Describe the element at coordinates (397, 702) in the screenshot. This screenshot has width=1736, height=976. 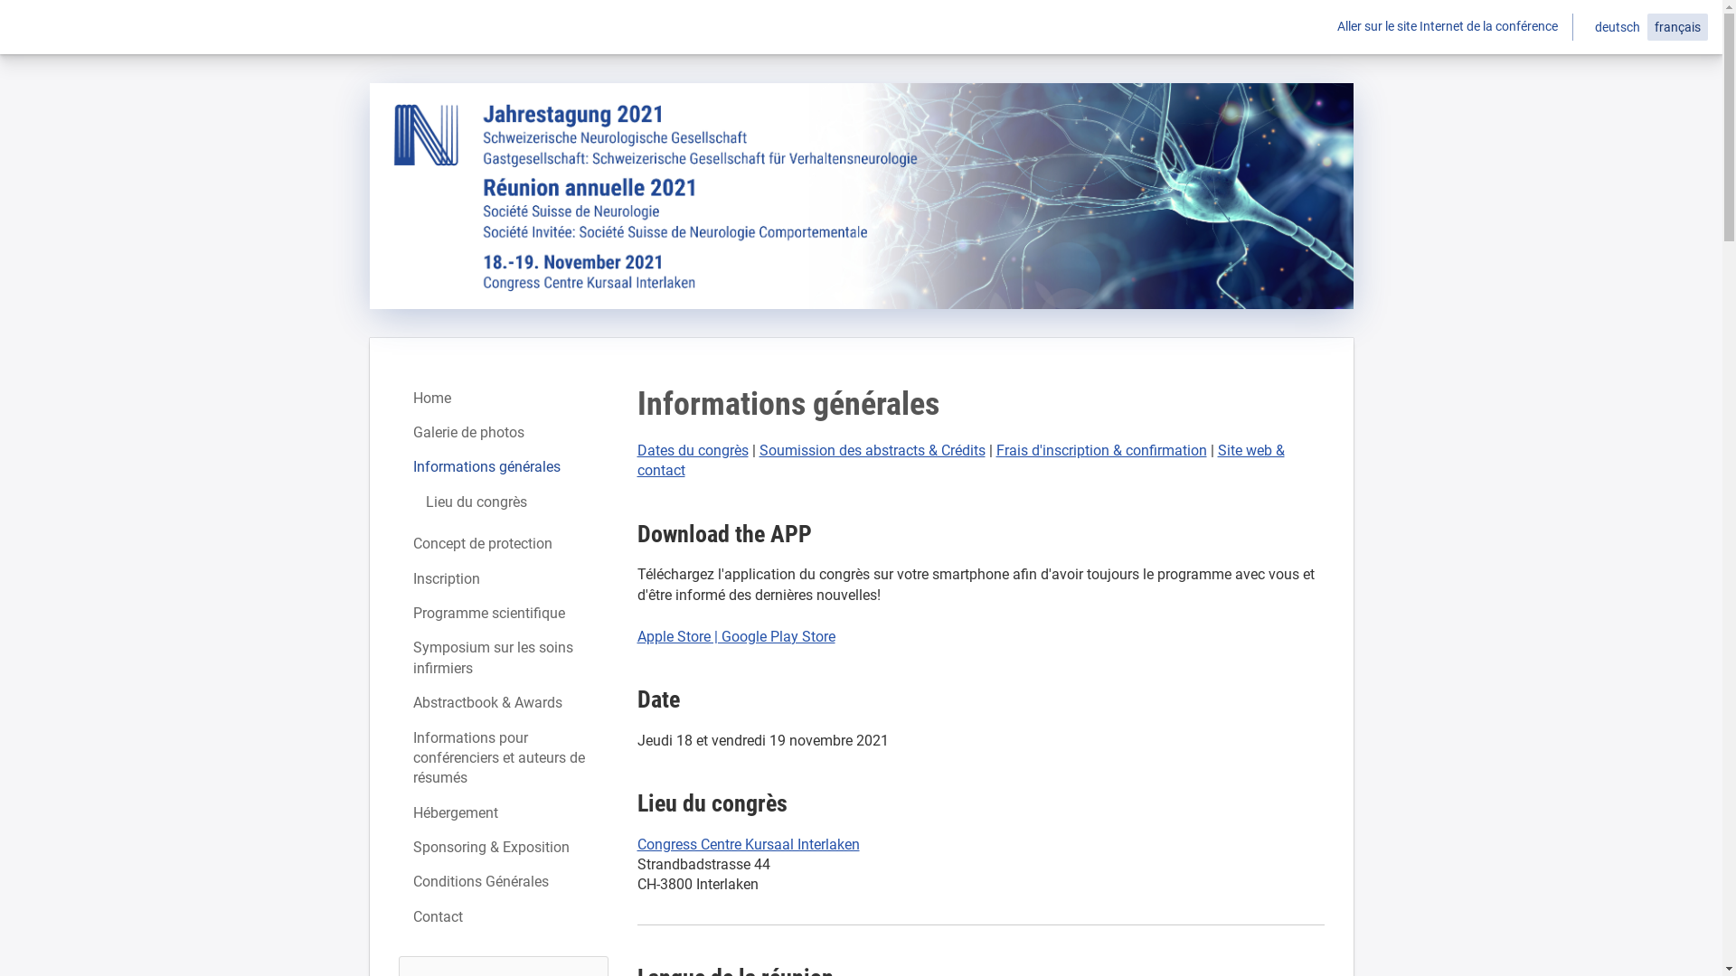
I see `'Abstractbook & Awards'` at that location.